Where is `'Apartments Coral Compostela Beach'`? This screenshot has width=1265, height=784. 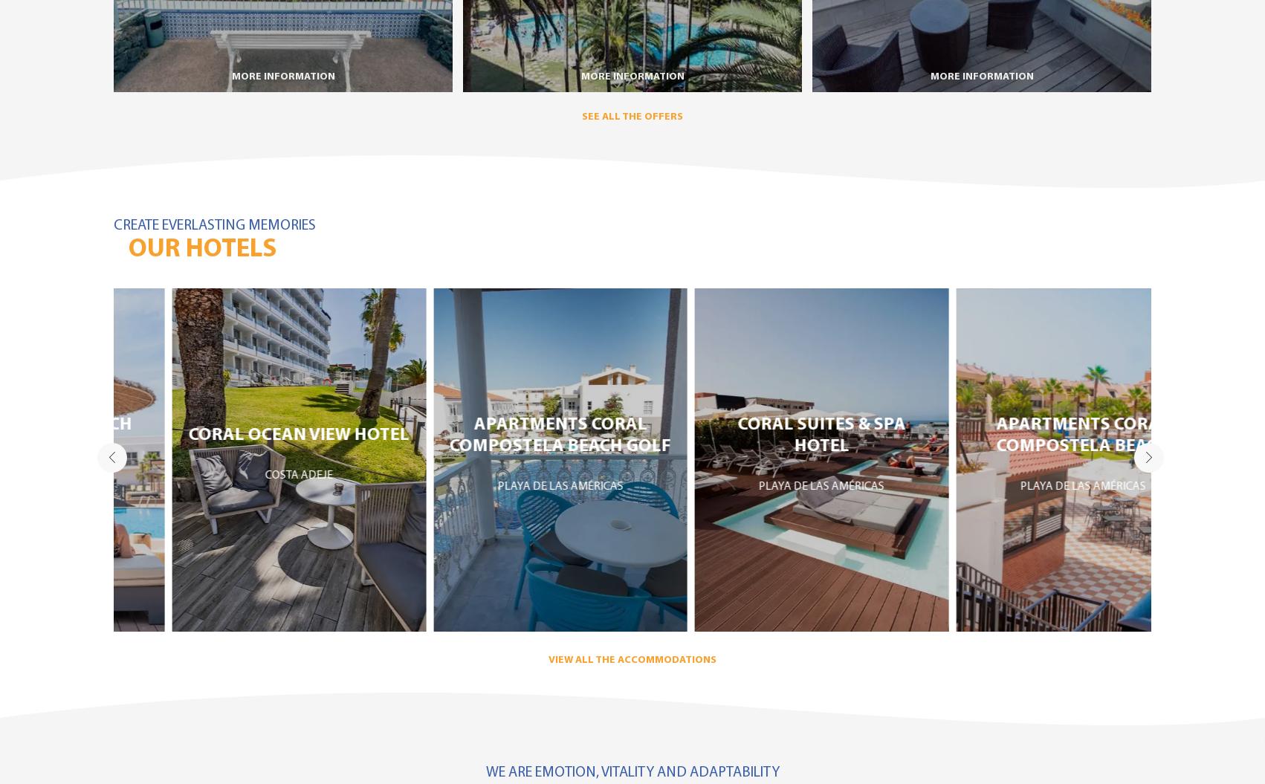
'Apartments Coral Compostela Beach' is located at coordinates (937, 434).